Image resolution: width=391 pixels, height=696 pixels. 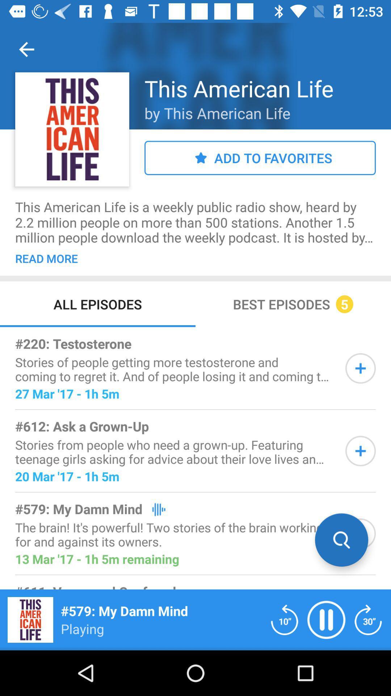 What do you see at coordinates (341, 540) in the screenshot?
I see `the search icon` at bounding box center [341, 540].